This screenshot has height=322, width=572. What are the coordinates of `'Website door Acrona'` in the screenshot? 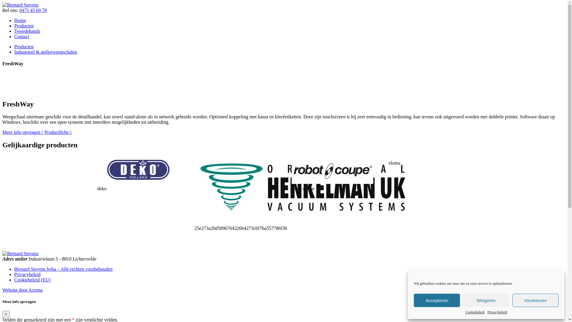 It's located at (22, 290).